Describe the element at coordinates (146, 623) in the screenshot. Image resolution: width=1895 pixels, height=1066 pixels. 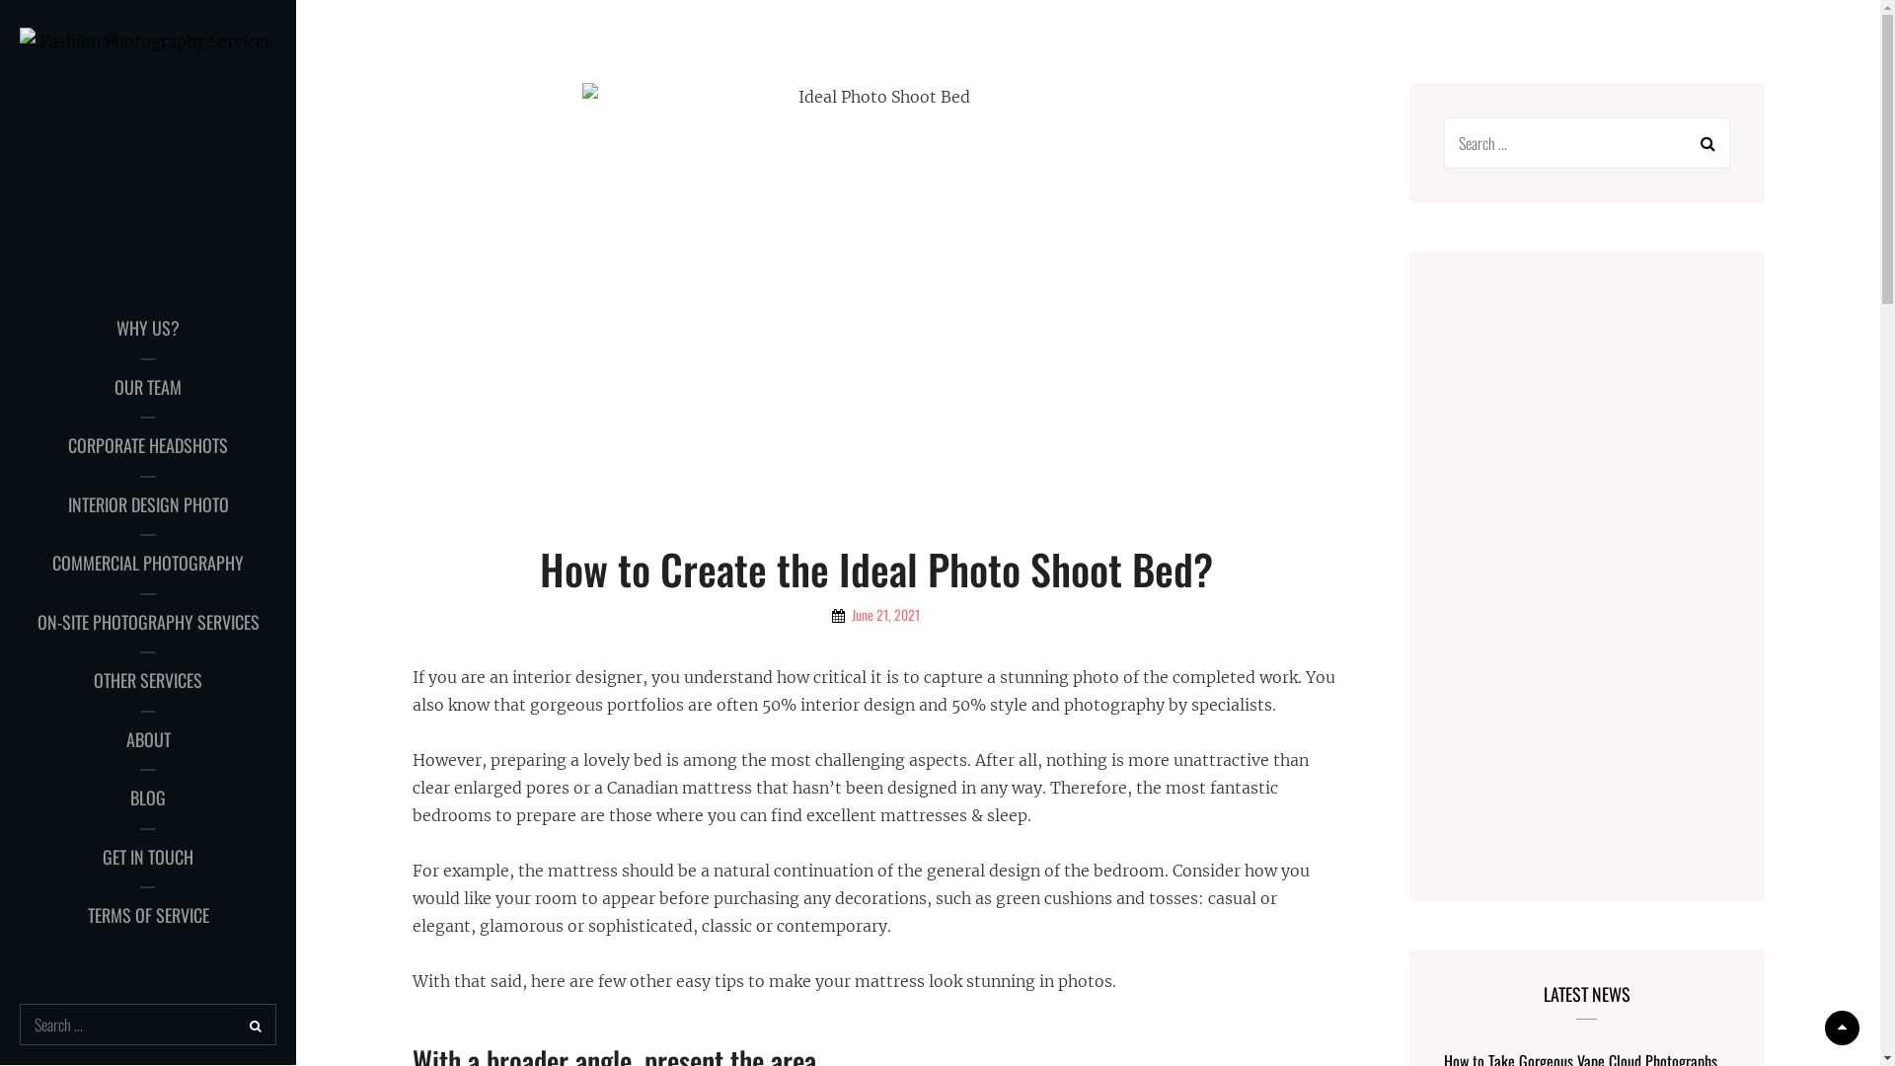
I see `'ON-SITE PHOTOGRAPHY SERVICES'` at that location.